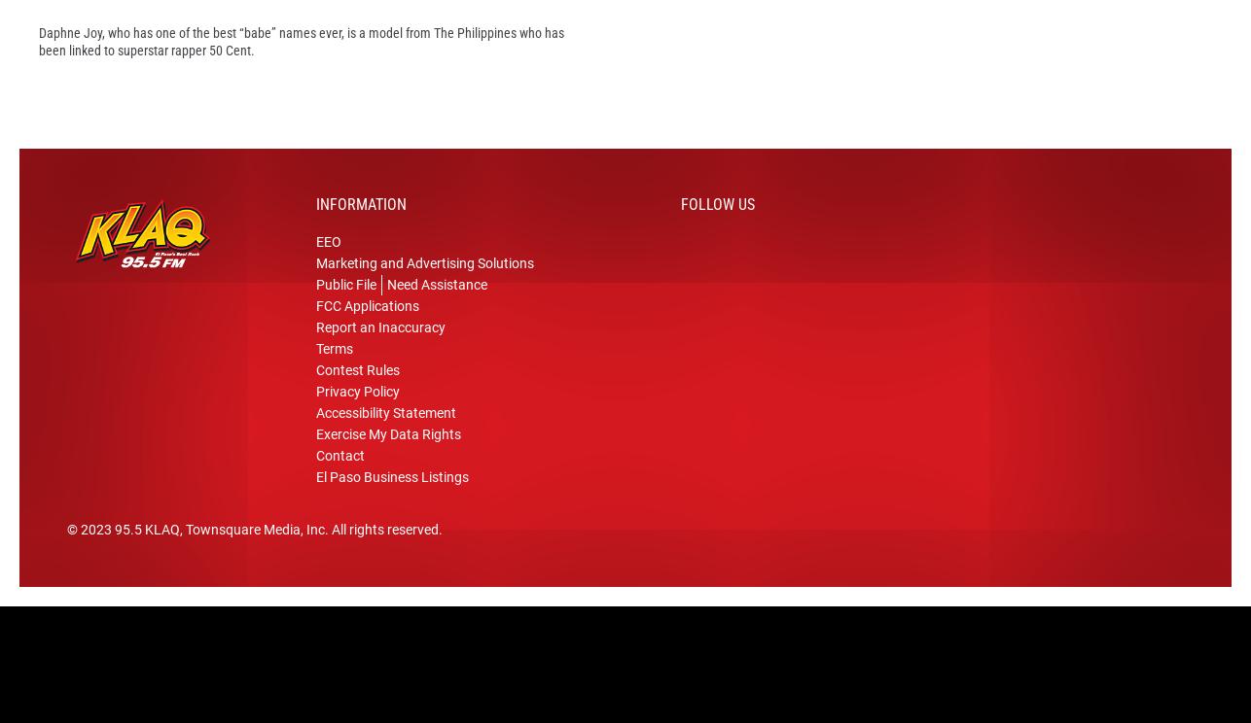  I want to click on 'El Paso Business Listings', so click(314, 506).